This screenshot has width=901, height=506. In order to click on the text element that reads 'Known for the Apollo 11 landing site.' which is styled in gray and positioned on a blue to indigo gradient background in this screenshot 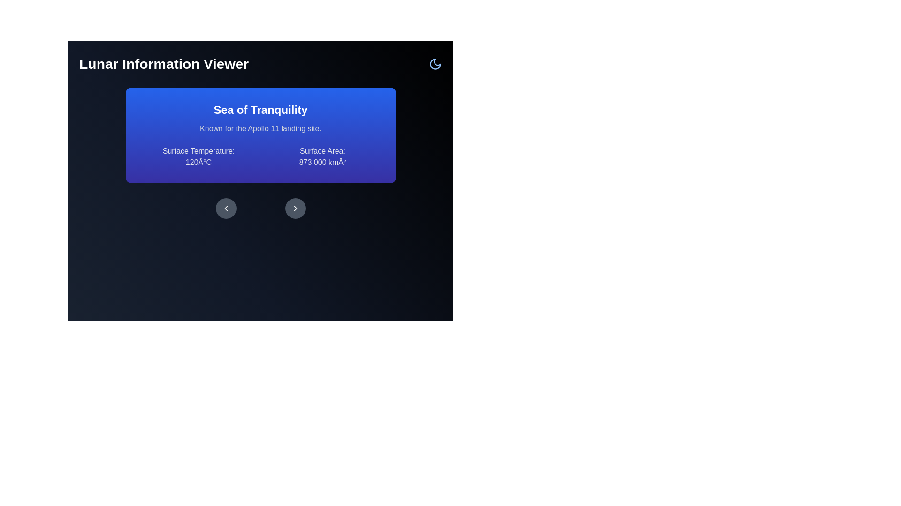, I will do `click(260, 128)`.